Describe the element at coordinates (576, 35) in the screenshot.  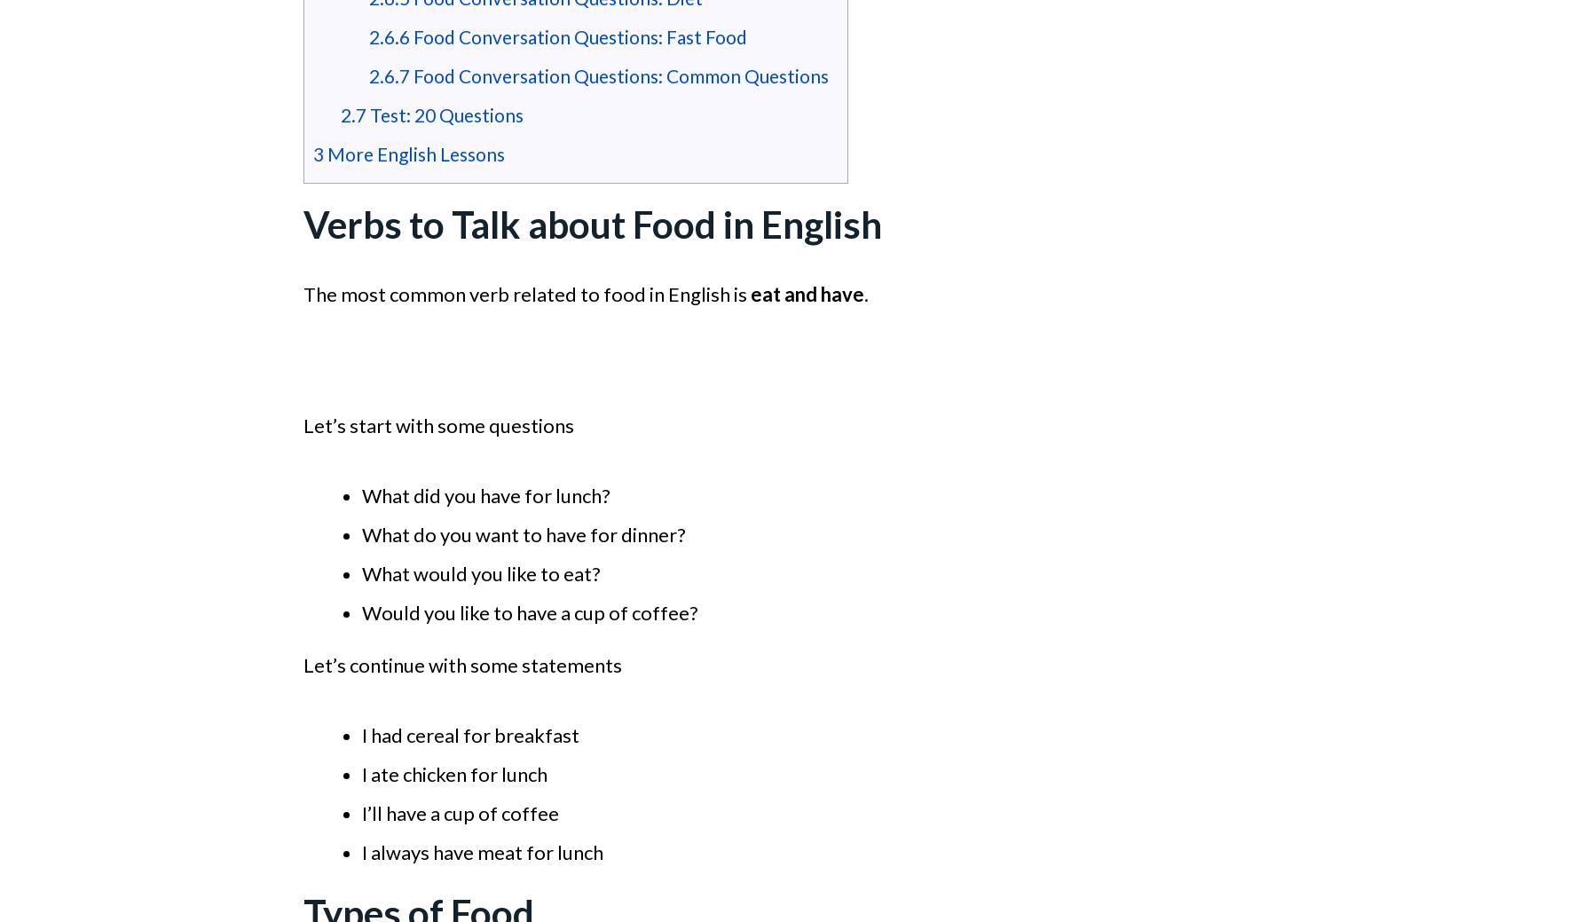
I see `'Food Conversation Questions: Fast Food'` at that location.